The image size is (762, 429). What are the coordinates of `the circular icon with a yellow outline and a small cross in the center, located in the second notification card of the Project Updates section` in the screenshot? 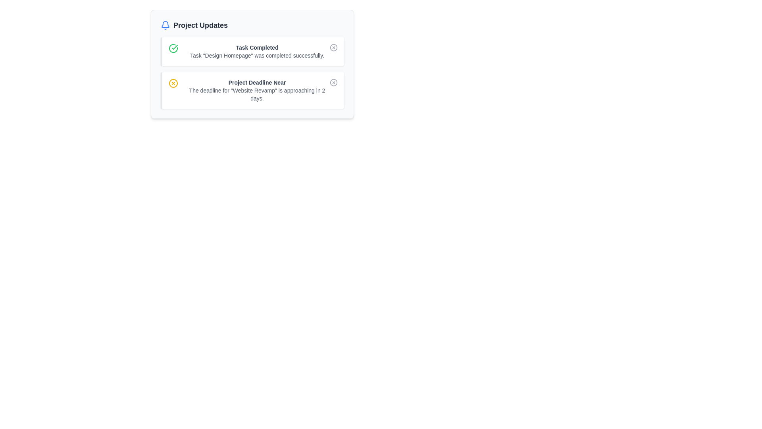 It's located at (173, 83).